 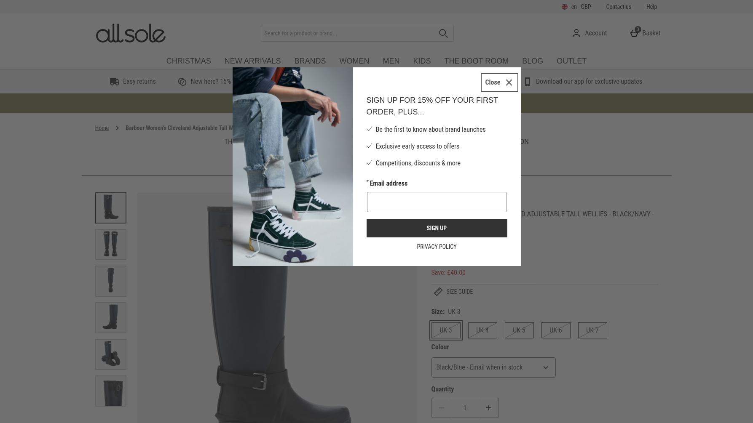 I want to click on 'Help', so click(x=646, y=6).